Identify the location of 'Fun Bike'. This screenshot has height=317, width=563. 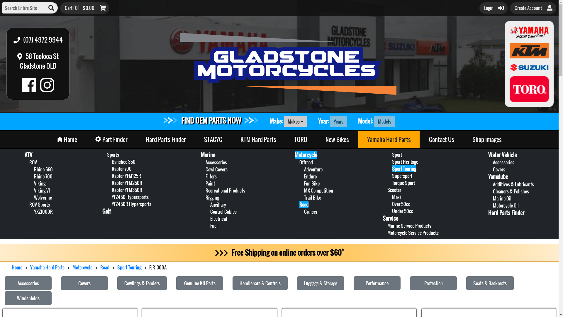
(311, 183).